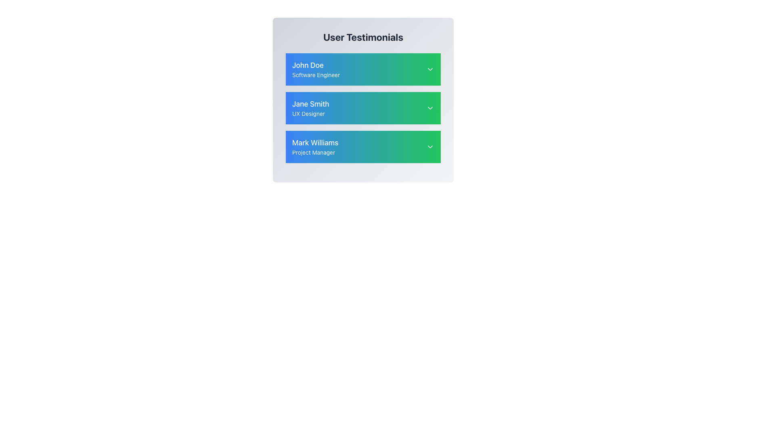  Describe the element at coordinates (429, 147) in the screenshot. I see `the green chevron arrow icon on the right side of the 'Mark Williams Project Manager' section` at that location.